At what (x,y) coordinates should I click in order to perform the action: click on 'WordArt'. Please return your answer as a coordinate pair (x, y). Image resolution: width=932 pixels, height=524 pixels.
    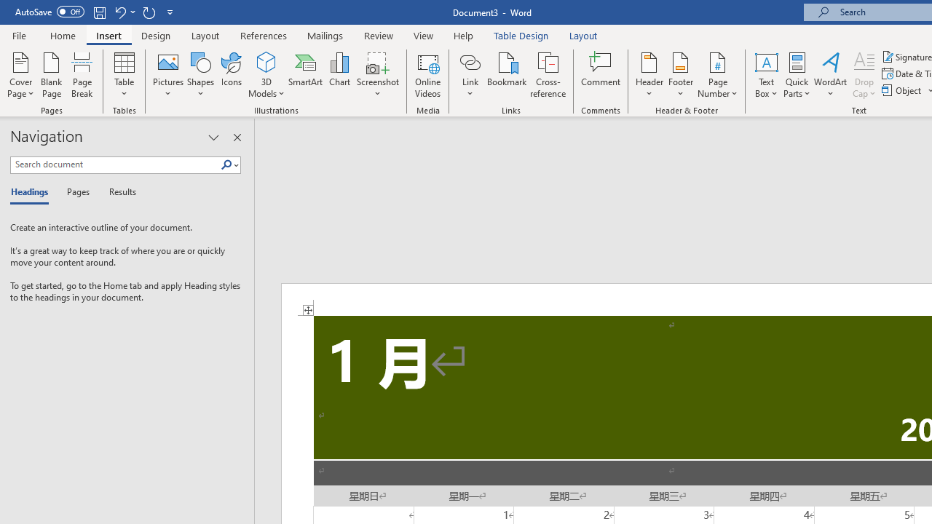
    Looking at the image, I should click on (831, 75).